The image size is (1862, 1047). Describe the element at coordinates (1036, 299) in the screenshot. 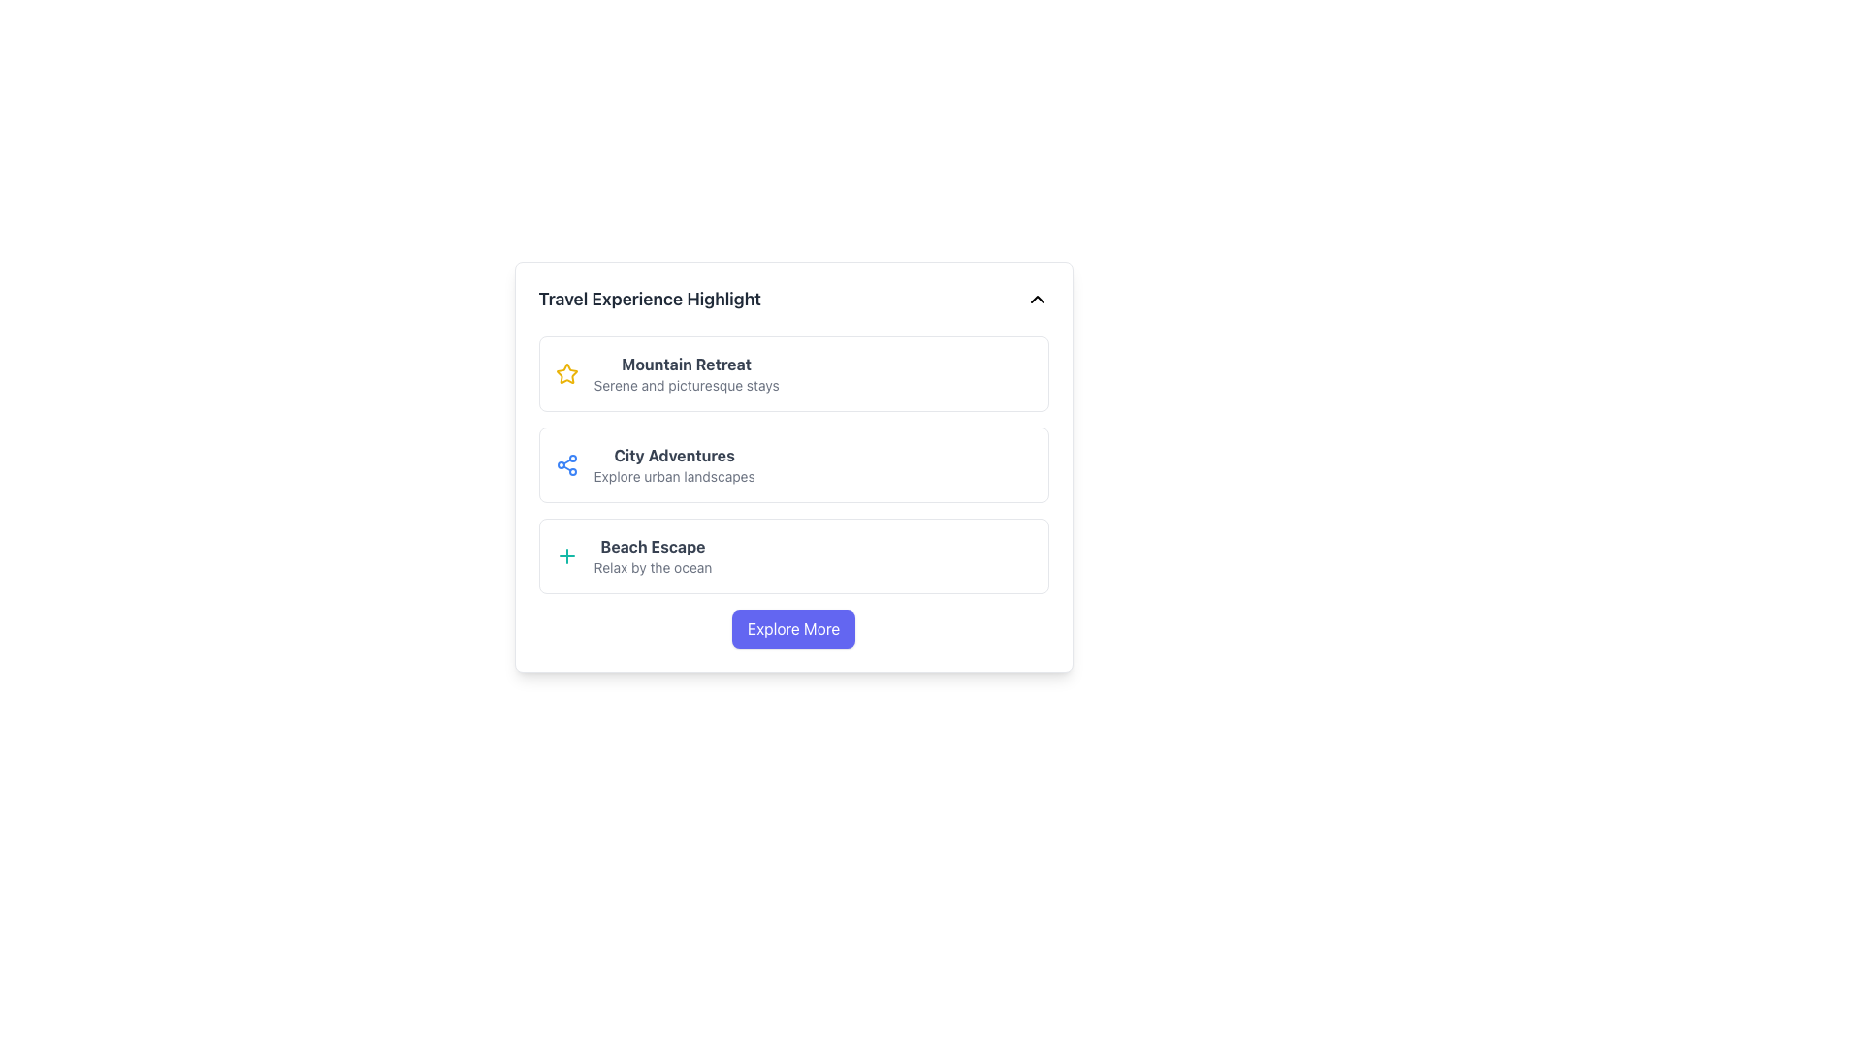

I see `the chevron icon in the upper right corner of the 'Travel Experience Highlight' section to toggle the content display` at that location.